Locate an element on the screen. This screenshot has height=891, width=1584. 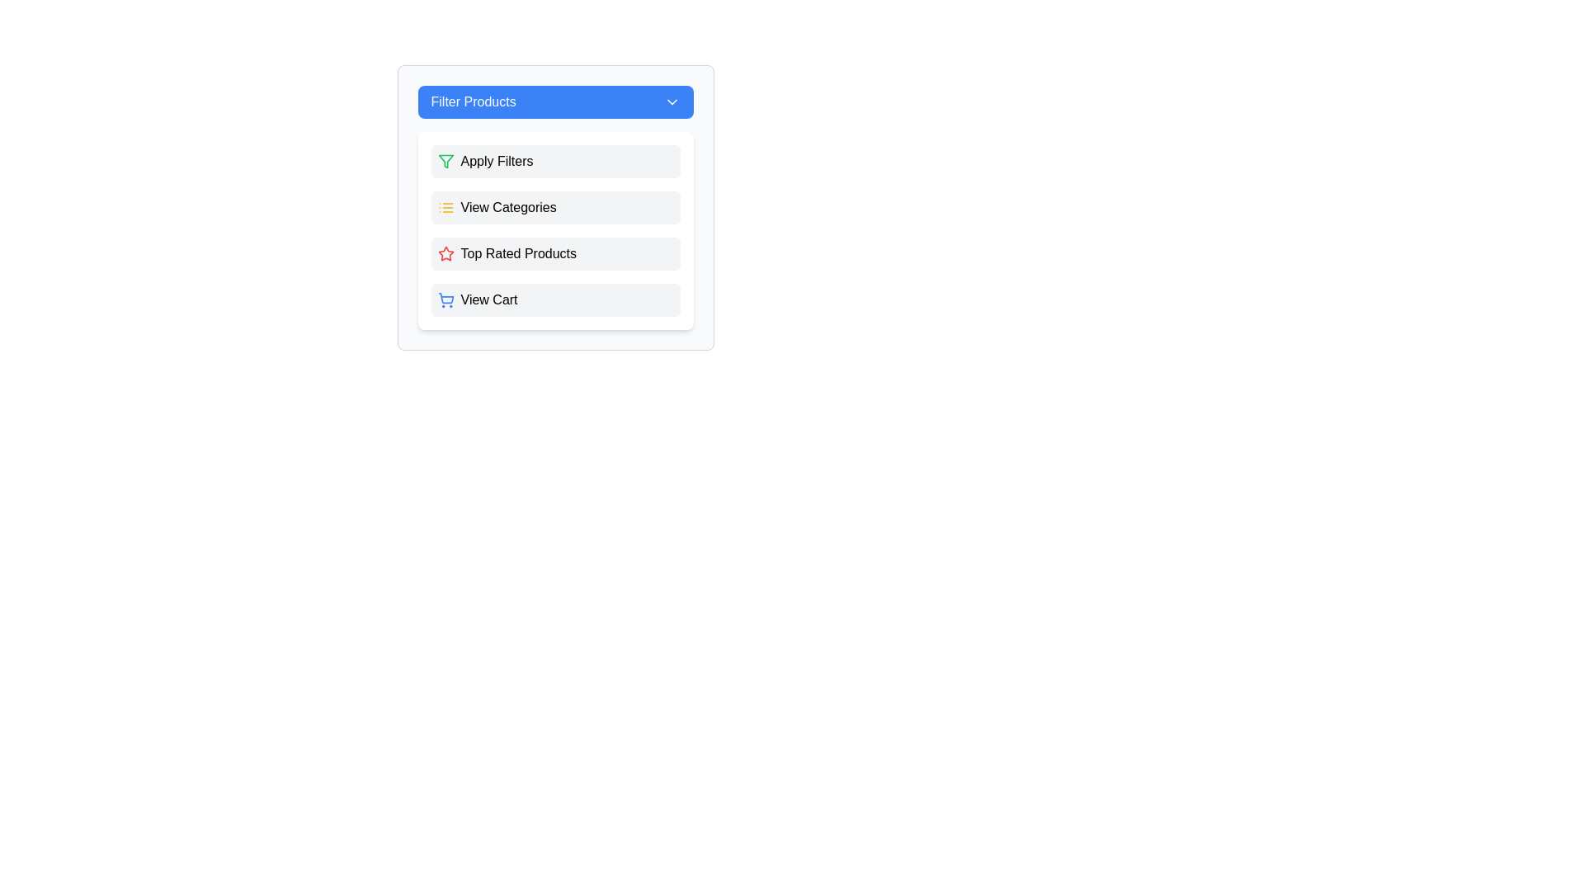
the 'Filter Products' dropdown button is located at coordinates (555, 101).